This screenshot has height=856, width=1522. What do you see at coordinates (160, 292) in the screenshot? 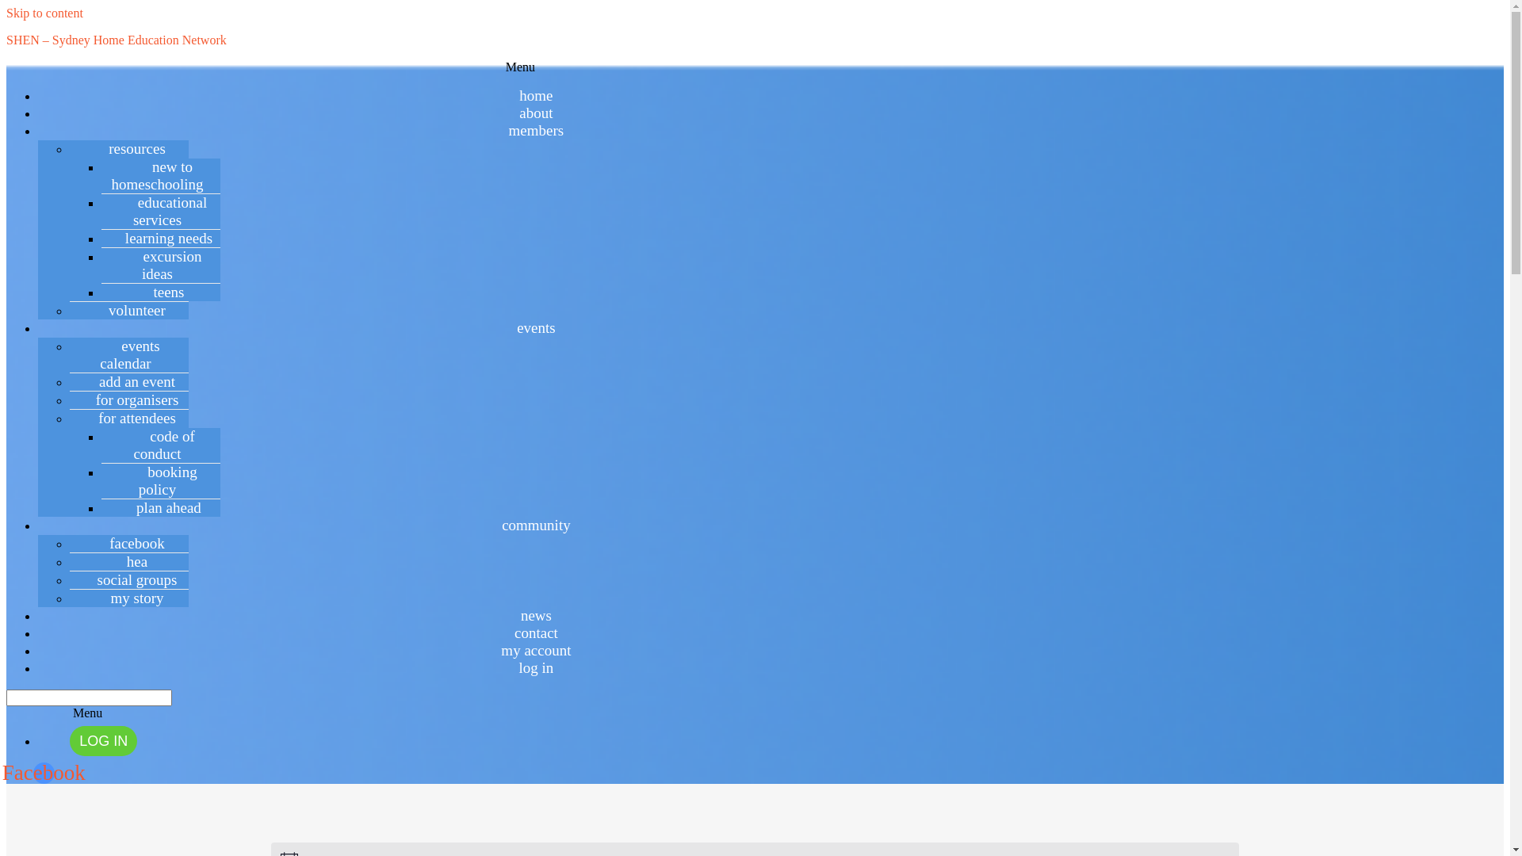
I see `'teens'` at bounding box center [160, 292].